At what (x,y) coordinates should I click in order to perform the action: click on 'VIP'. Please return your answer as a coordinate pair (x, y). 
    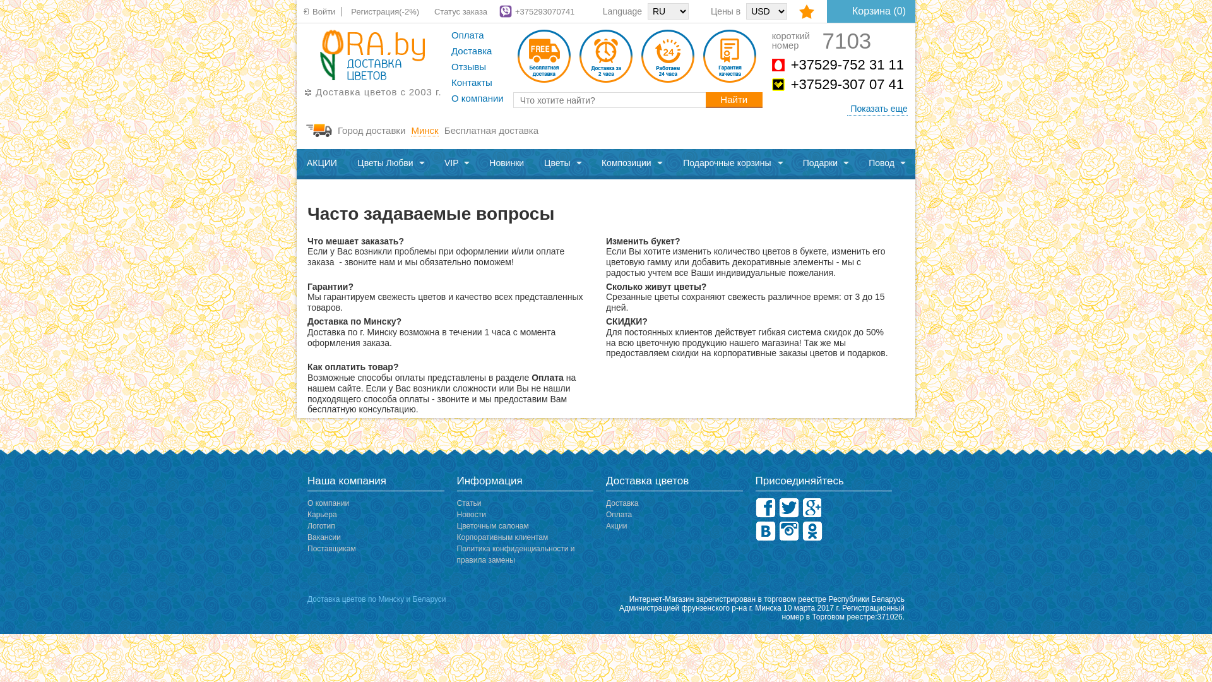
    Looking at the image, I should click on (434, 163).